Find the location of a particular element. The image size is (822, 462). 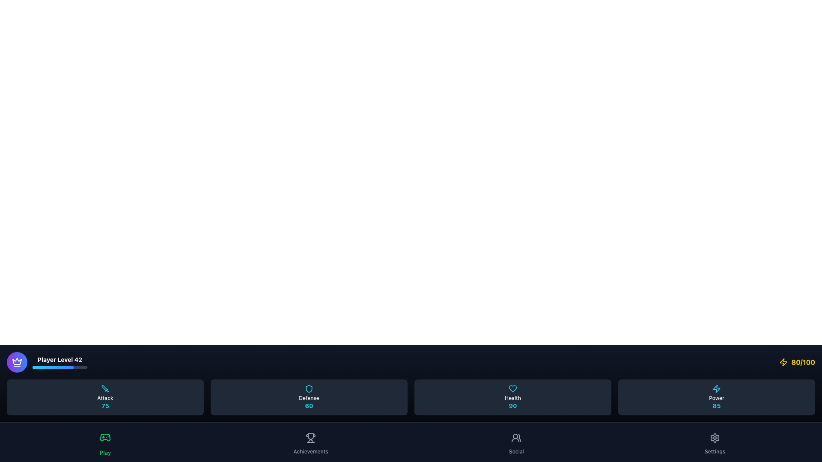

the achievements icon button is located at coordinates (310, 438).